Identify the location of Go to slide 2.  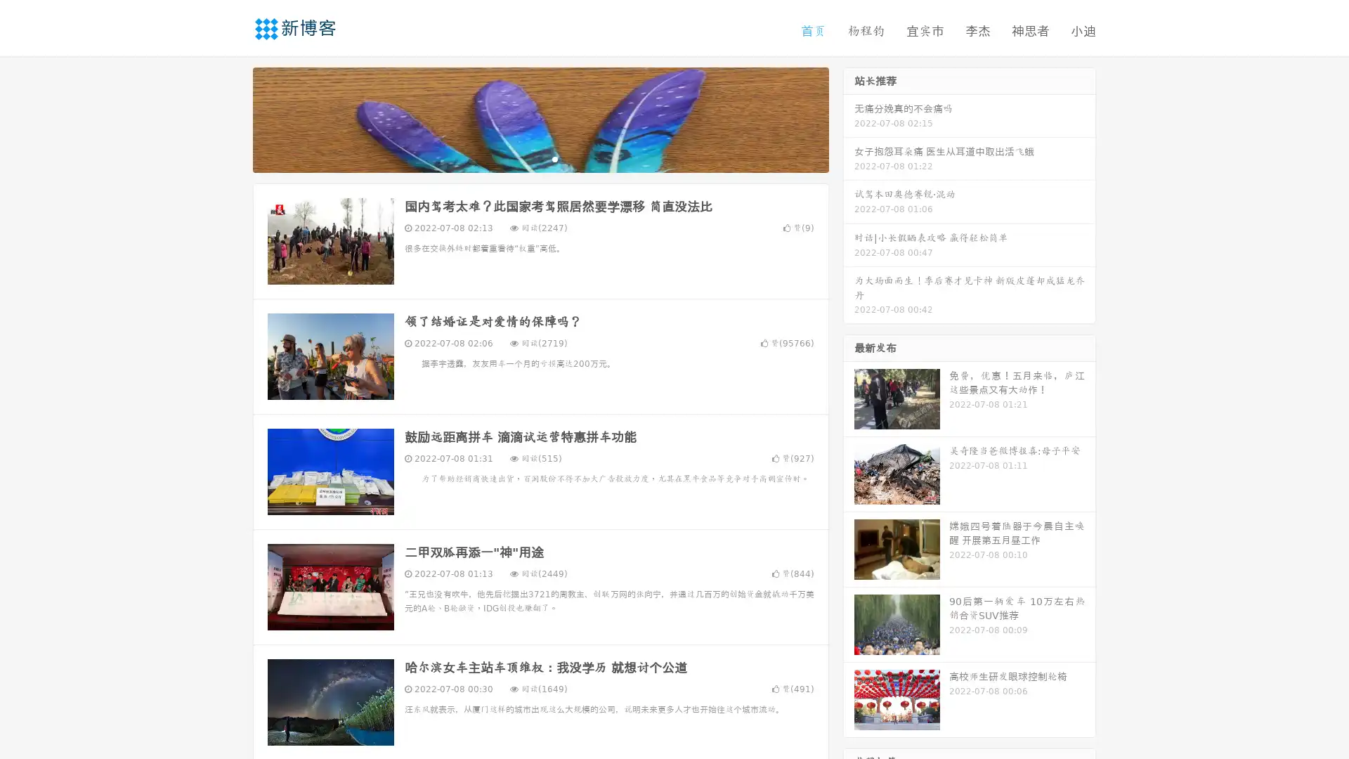
(540, 158).